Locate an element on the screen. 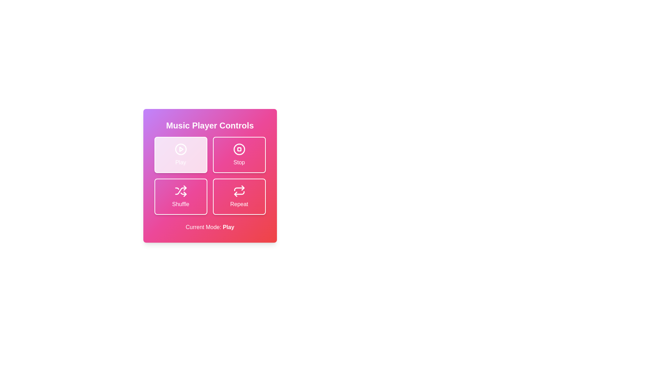 The width and height of the screenshot is (668, 376). the Stop button to observe its hover effect is located at coordinates (239, 154).